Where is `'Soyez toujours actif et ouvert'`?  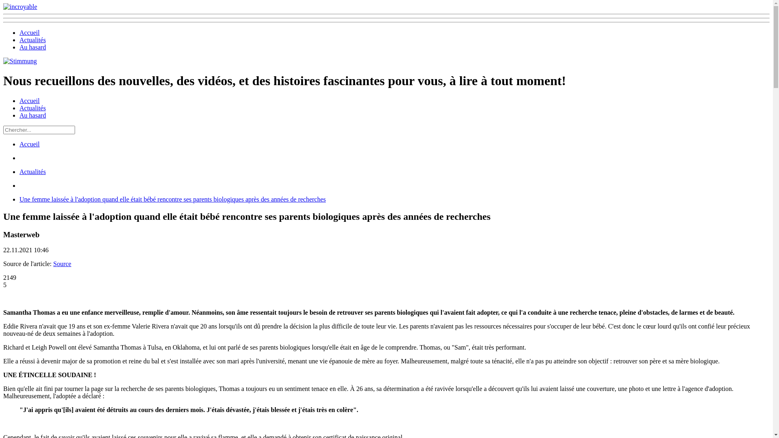 'Soyez toujours actif et ouvert' is located at coordinates (20, 60).